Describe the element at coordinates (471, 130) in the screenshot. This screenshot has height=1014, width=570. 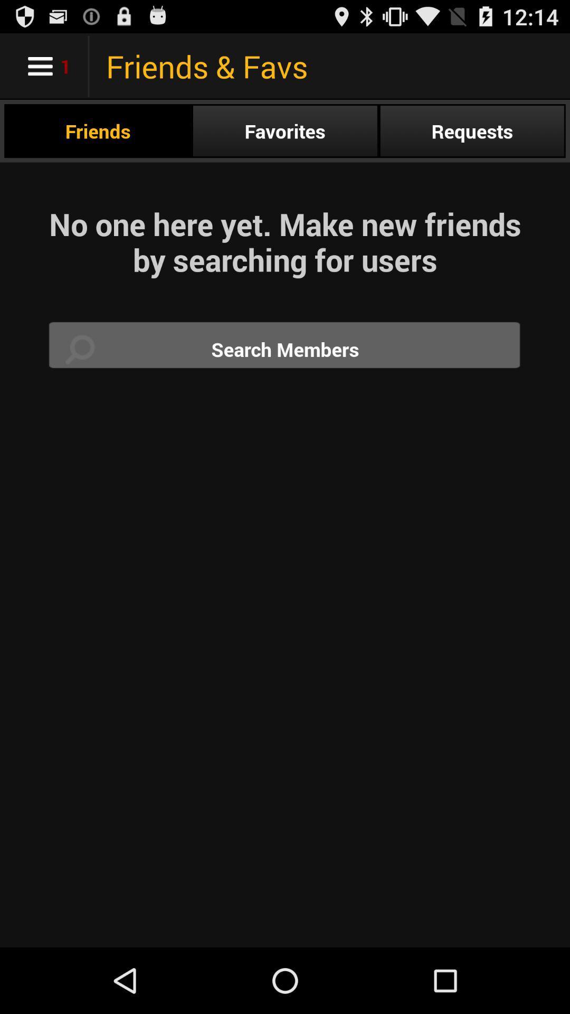
I see `item next to the favorites icon` at that location.